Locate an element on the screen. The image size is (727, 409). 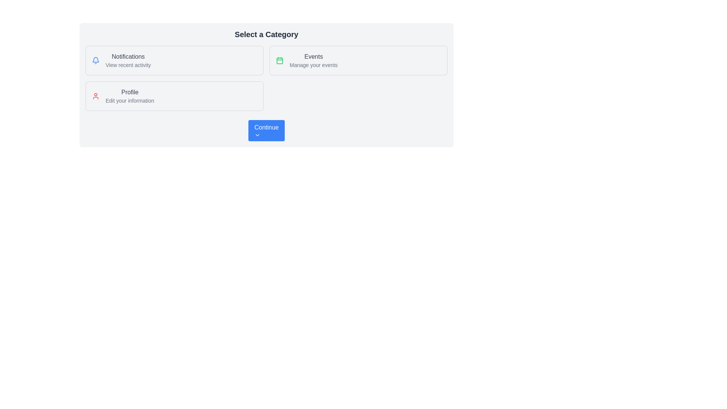
the static text providing guidance for the 'Events' section, located below the title 'Events' in the right-hand card of a three-card layout is located at coordinates (314, 65).